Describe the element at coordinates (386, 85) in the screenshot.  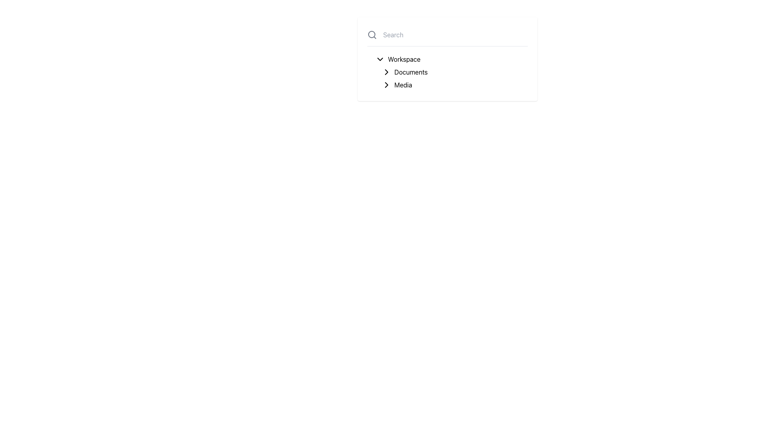
I see `the right-pointing chevron icon located to the left of the 'Media' text label in the sidebar menu` at that location.